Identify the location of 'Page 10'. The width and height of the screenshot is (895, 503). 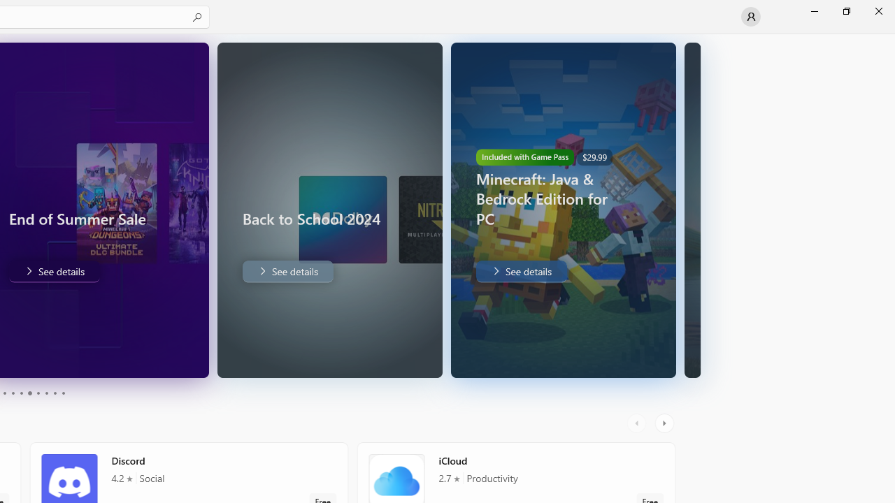
(62, 393).